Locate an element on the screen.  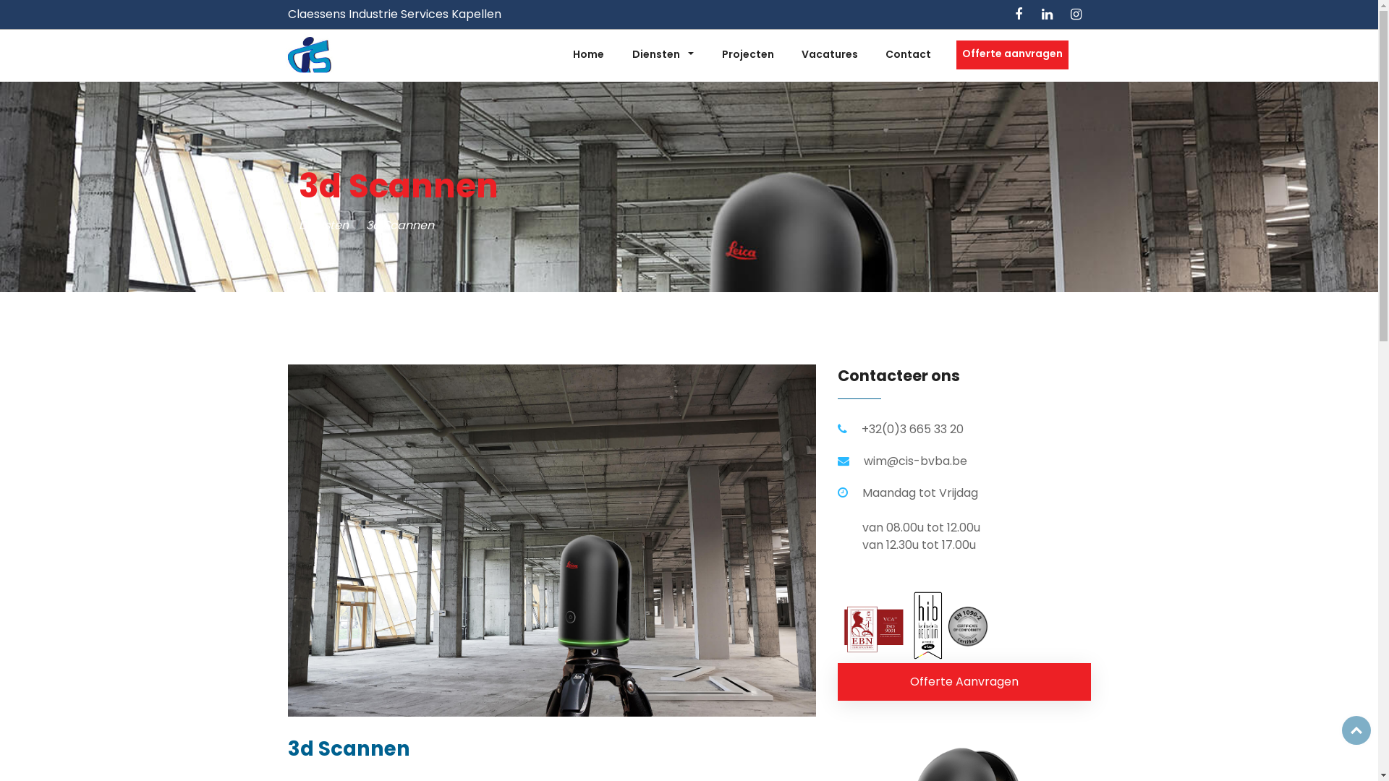
'Offerte Aanvragen' is located at coordinates (964, 681).